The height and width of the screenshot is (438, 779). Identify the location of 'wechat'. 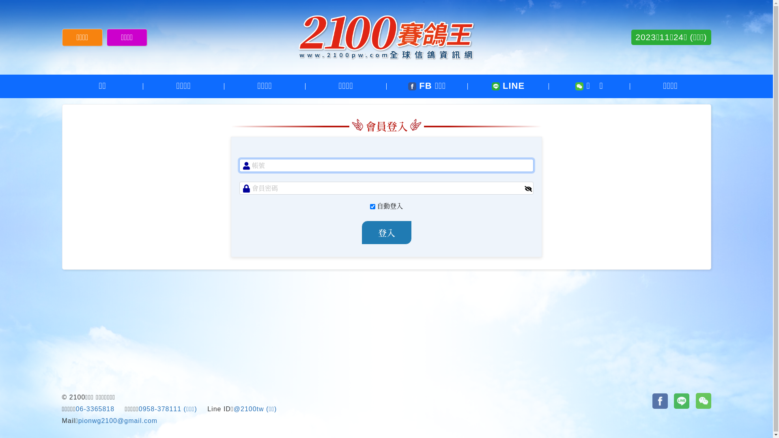
(703, 400).